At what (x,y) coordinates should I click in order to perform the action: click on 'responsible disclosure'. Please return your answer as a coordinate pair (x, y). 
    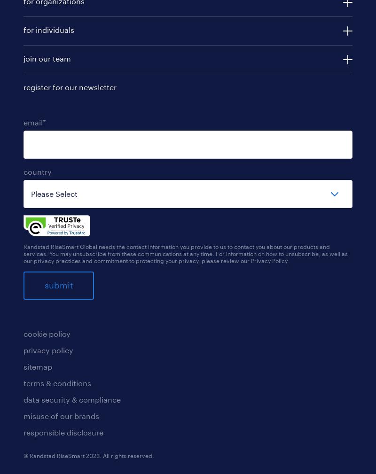
    Looking at the image, I should click on (23, 432).